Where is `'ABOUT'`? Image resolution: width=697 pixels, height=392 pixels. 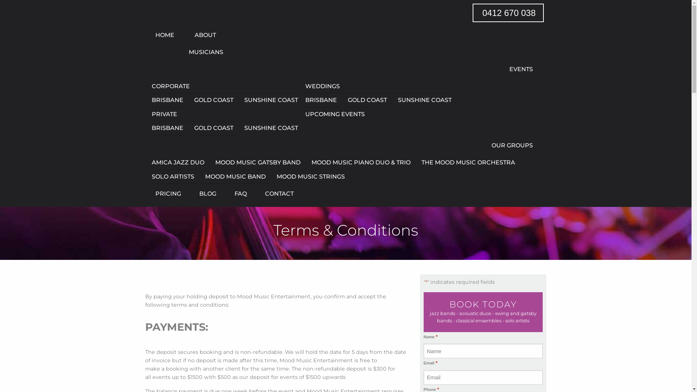
'ABOUT' is located at coordinates (185, 35).